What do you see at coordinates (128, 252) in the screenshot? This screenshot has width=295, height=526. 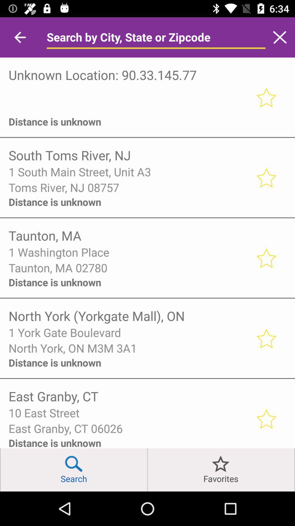 I see `the icon below taunton, ma item` at bounding box center [128, 252].